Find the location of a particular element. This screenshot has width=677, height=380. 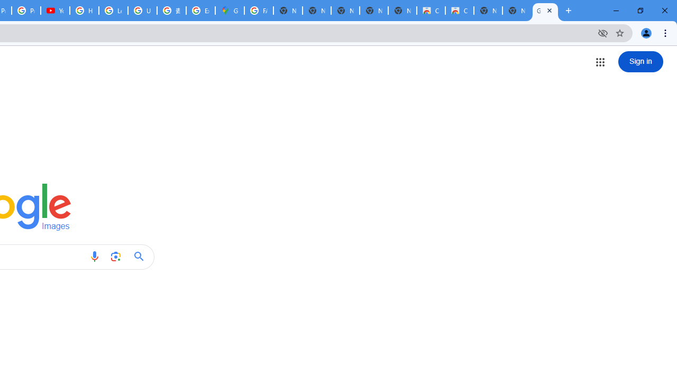

'Classic Blue - Chrome Web Store' is located at coordinates (460, 11).